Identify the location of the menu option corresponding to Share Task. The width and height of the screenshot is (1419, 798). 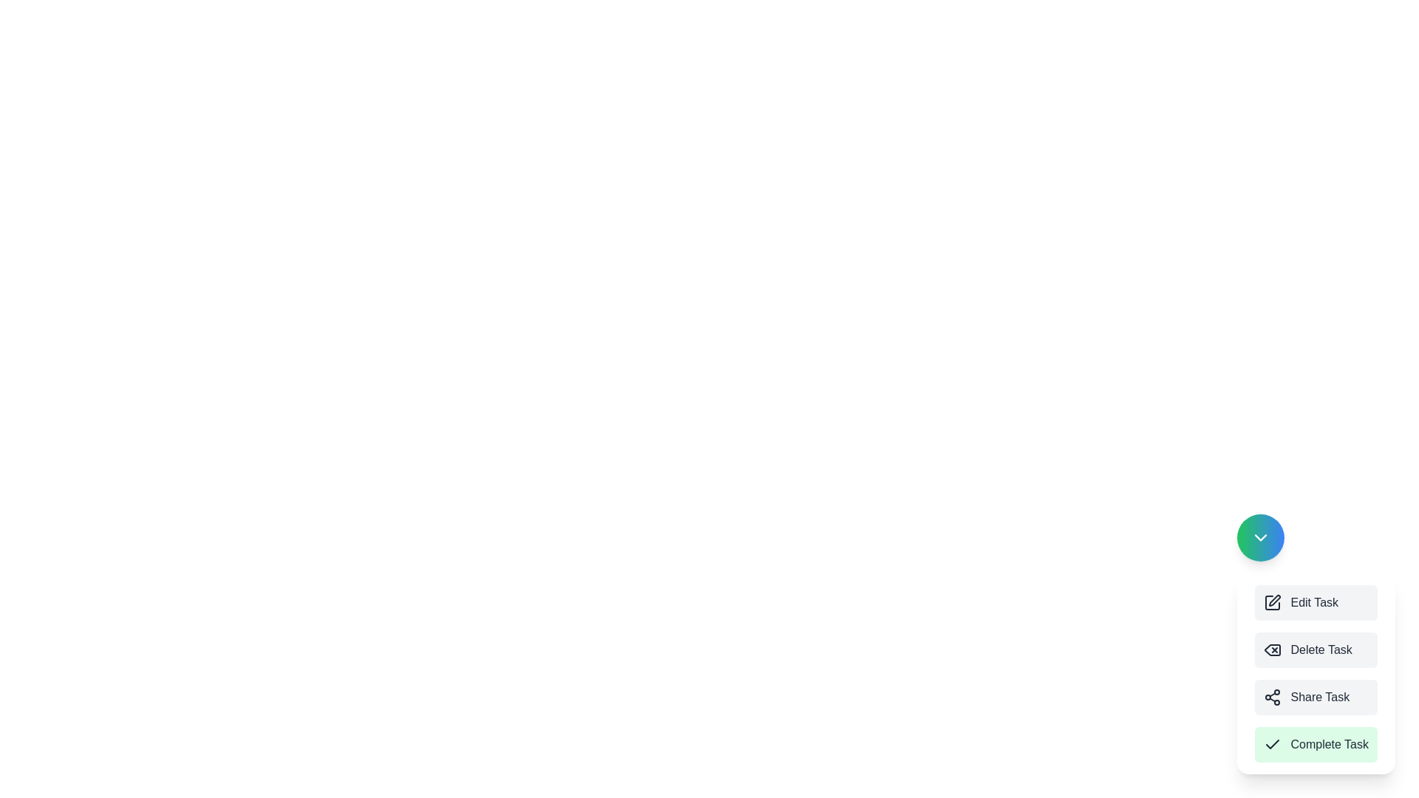
(1316, 698).